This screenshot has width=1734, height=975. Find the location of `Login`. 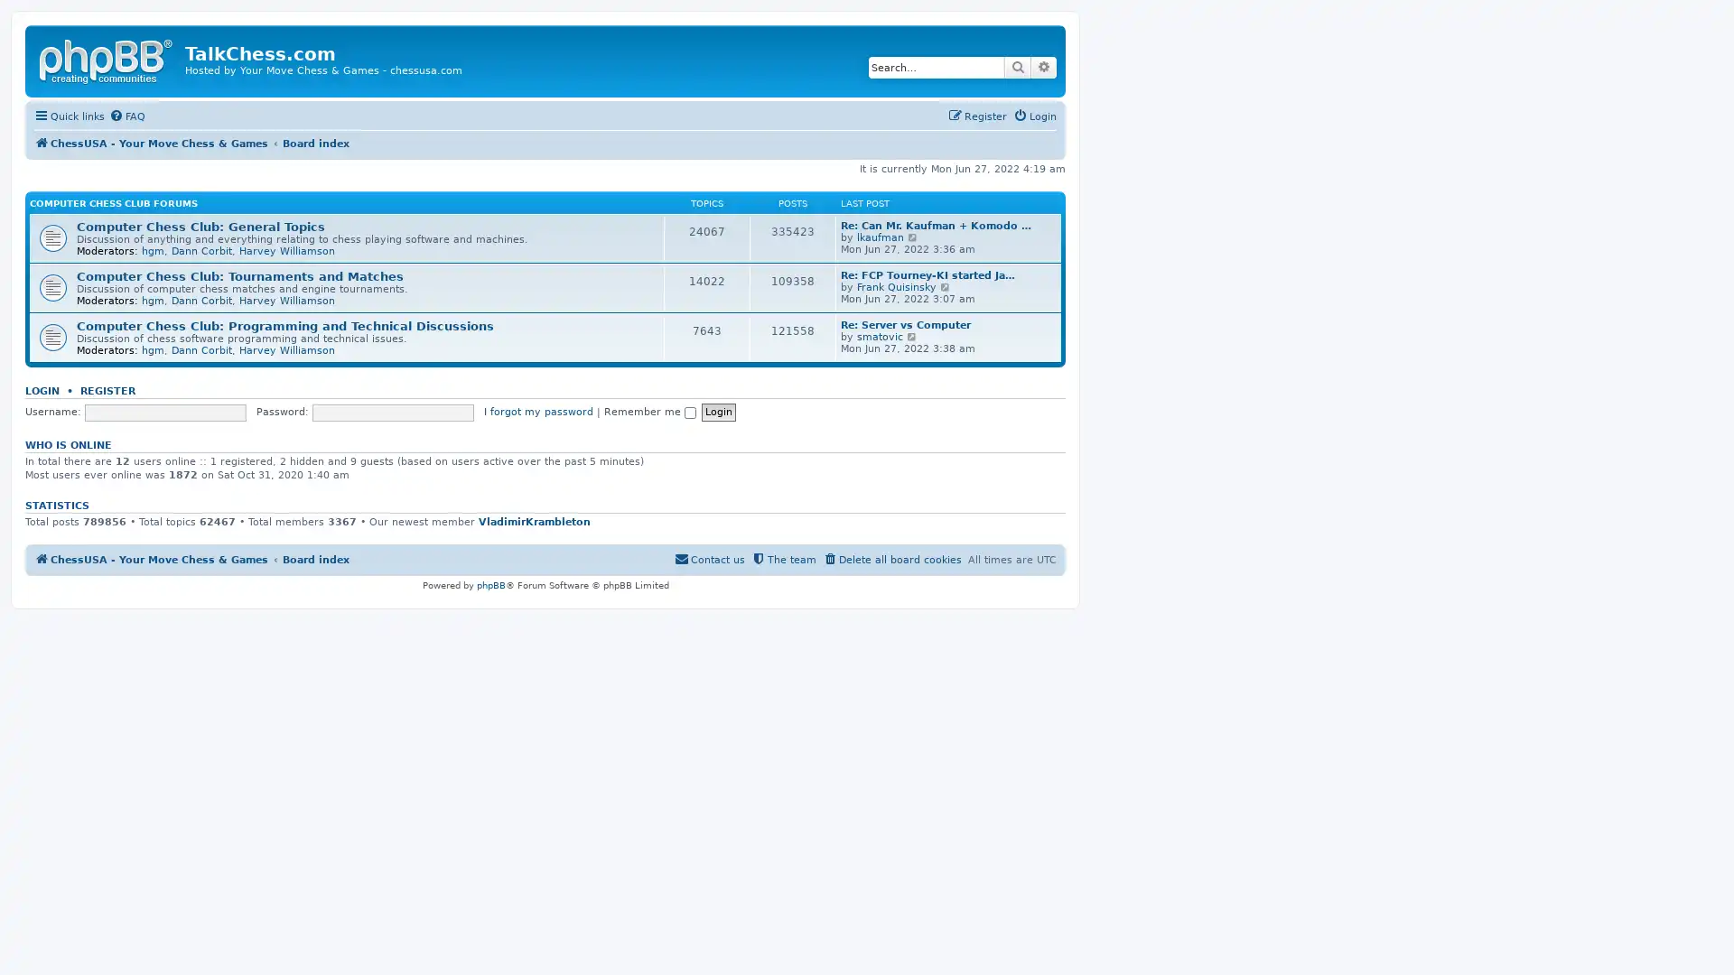

Login is located at coordinates (717, 412).